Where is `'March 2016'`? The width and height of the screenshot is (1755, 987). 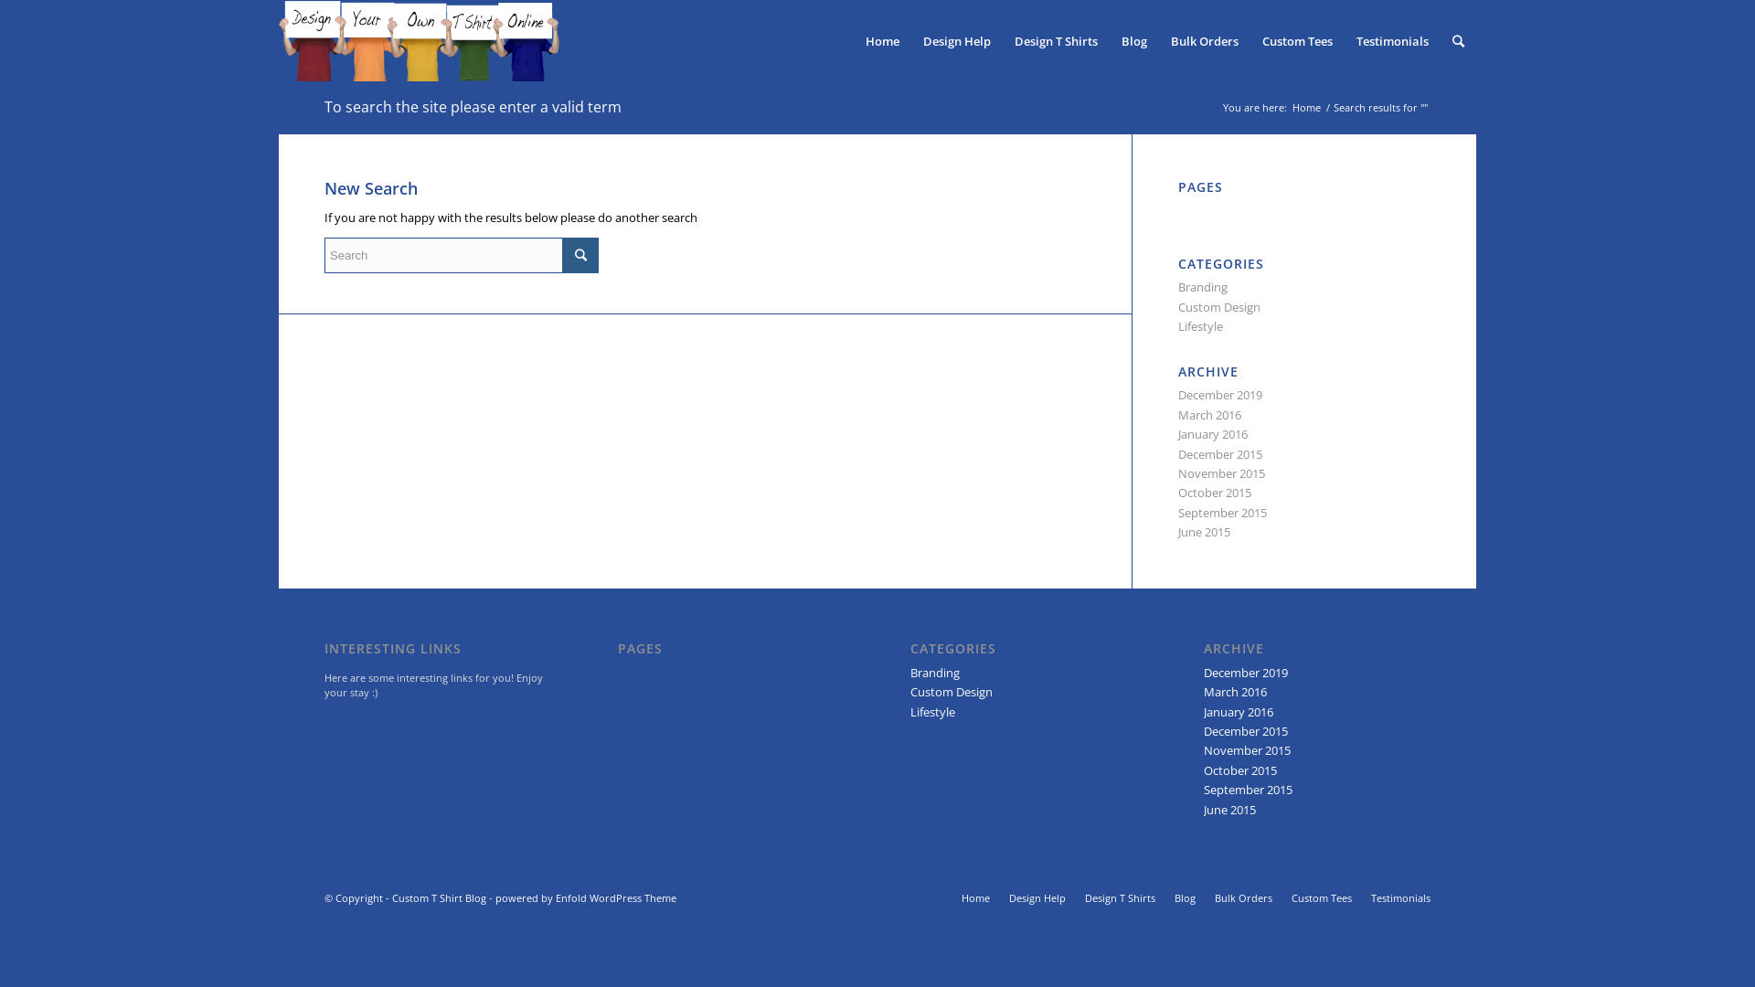
'March 2016' is located at coordinates (1209, 415).